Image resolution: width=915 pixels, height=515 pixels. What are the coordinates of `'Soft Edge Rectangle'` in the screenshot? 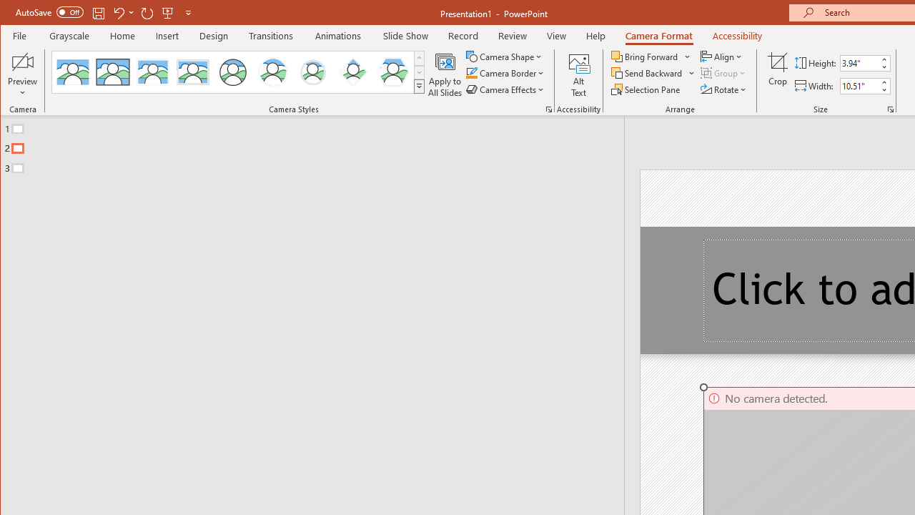 It's located at (192, 72).